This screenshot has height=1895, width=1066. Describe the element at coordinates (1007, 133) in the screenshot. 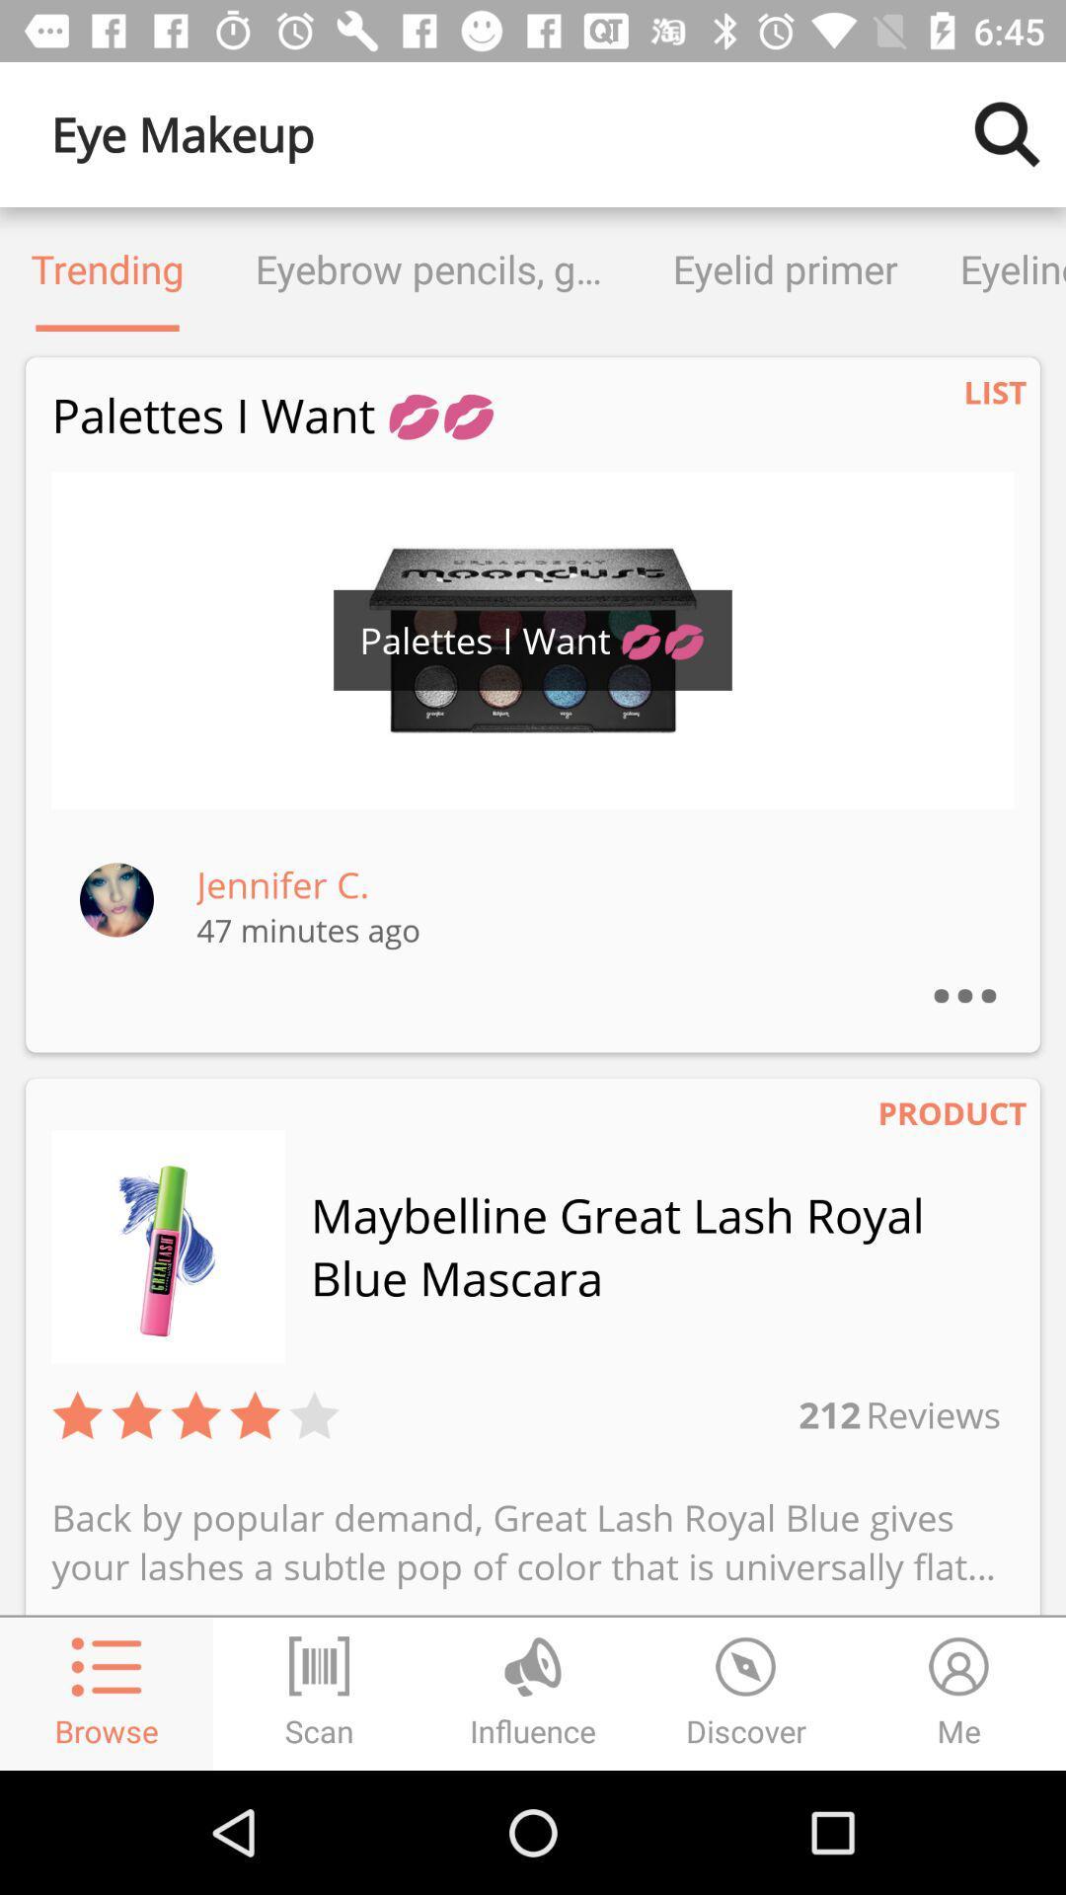

I see `the item next to eye makeup` at that location.